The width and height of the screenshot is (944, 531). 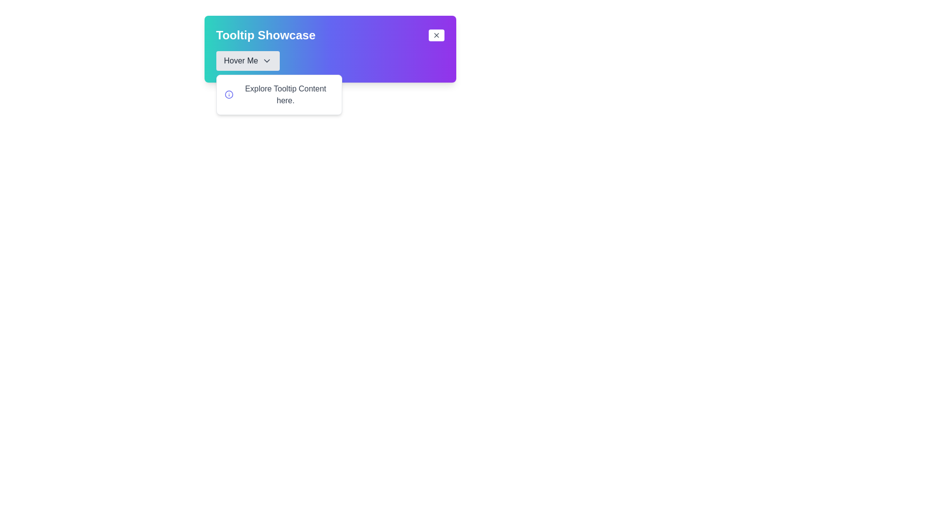 What do you see at coordinates (436, 35) in the screenshot?
I see `the close button located at the rightmost edge of the header section labeled 'Tooltip Showcase' to observe the hover effects` at bounding box center [436, 35].